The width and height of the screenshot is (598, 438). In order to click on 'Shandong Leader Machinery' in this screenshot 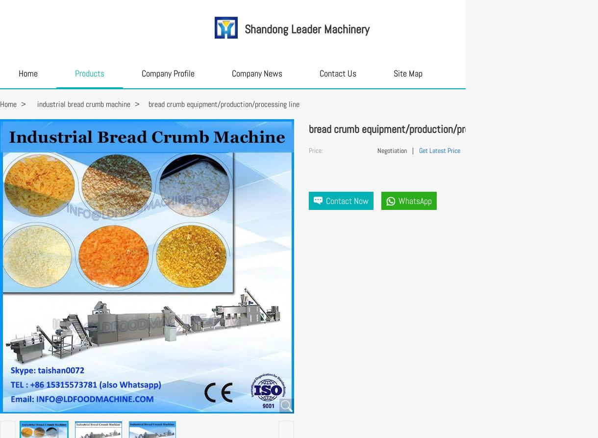, I will do `click(306, 29)`.